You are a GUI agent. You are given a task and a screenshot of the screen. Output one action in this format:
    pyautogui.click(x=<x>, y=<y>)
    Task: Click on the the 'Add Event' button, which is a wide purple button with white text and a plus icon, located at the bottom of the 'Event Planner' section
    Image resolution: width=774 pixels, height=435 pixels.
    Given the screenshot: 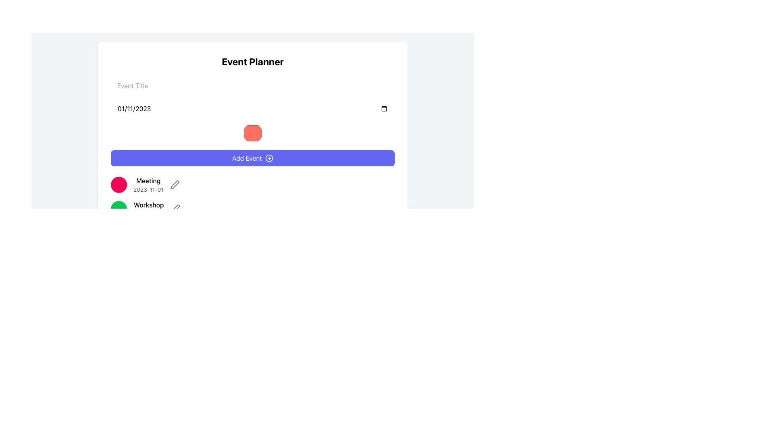 What is the action you would take?
    pyautogui.click(x=252, y=158)
    